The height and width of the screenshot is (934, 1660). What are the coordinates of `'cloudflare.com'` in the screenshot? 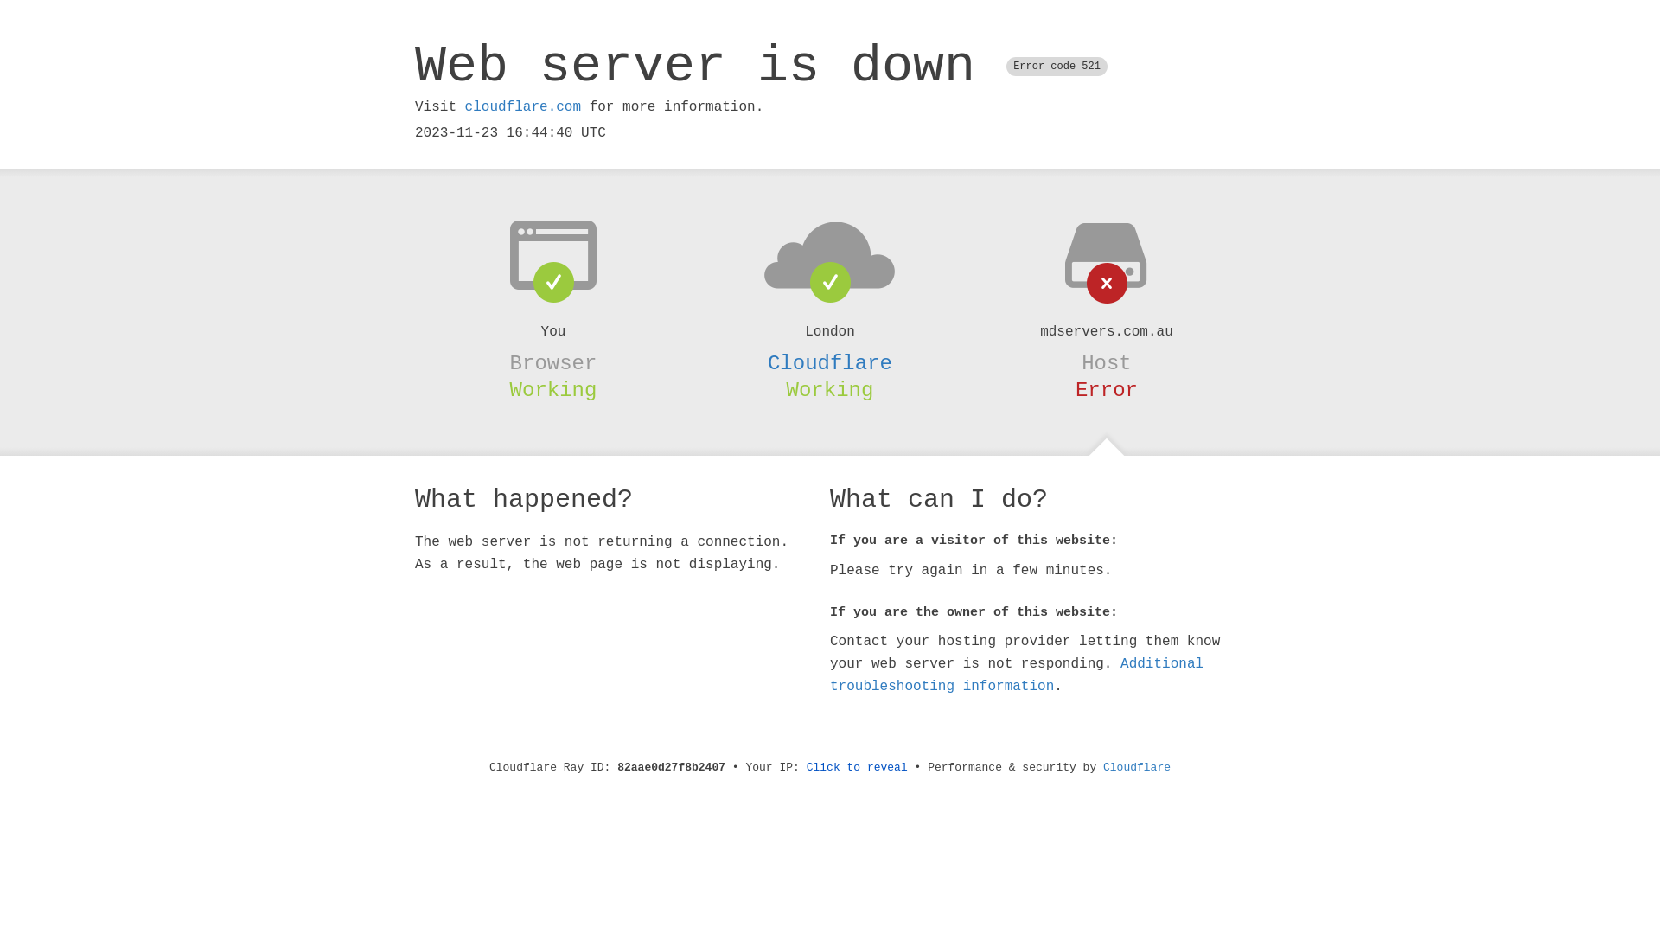 It's located at (464, 106).